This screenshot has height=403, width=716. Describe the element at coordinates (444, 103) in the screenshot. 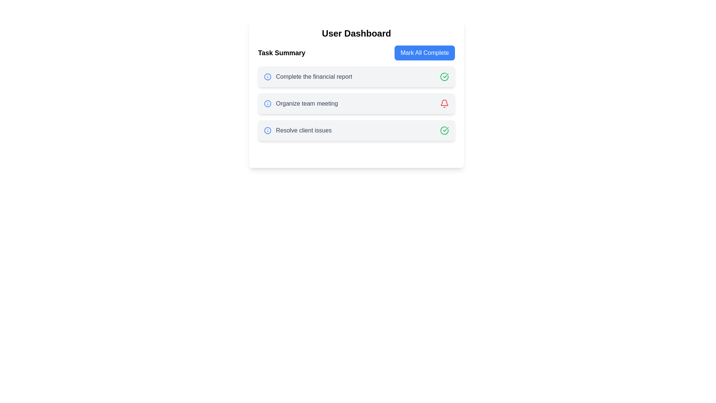

I see `the bell icon indicating notifications for the task 'Organize team meeting', positioned in the second row of the task list under 'Task Summary', to the far right of the row` at that location.